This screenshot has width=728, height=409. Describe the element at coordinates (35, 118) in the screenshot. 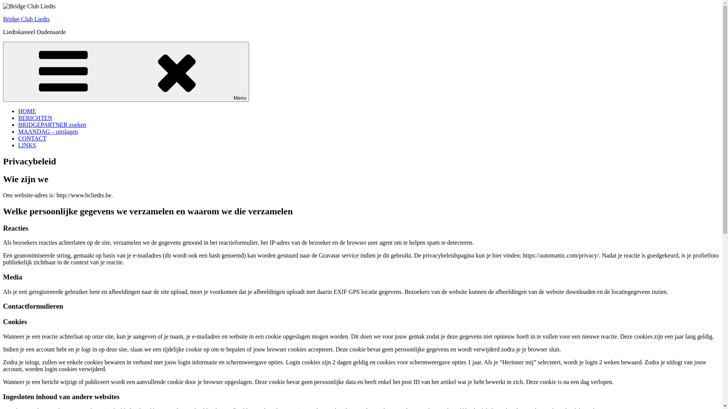

I see `'BERICHTEN'` at that location.